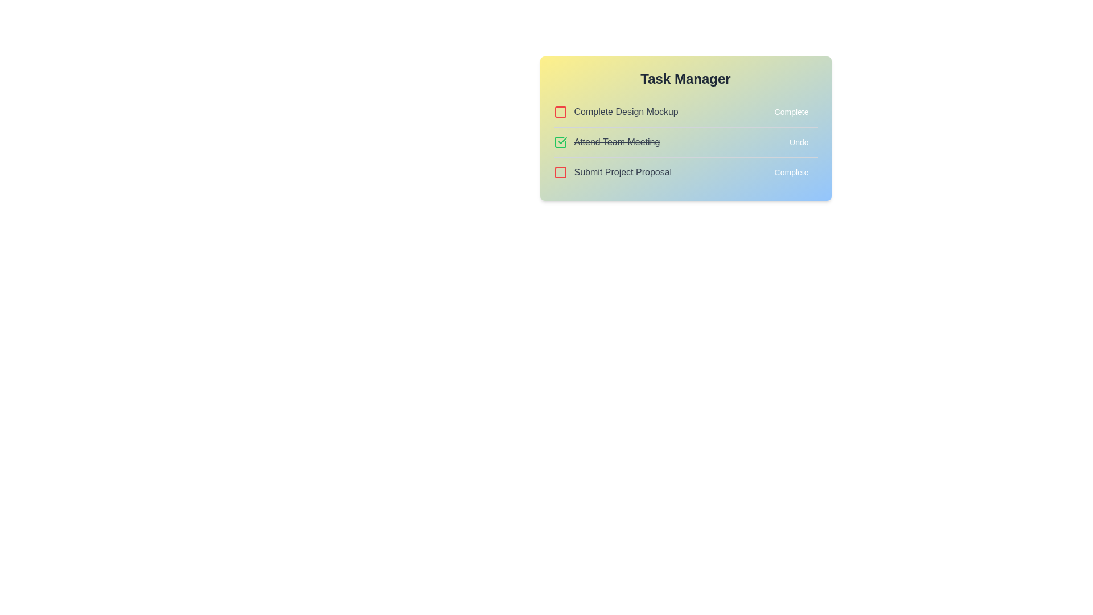 This screenshot has height=615, width=1093. What do you see at coordinates (791, 112) in the screenshot?
I see `the Complete button for the task Complete Design Mockup to toggle its completion status` at bounding box center [791, 112].